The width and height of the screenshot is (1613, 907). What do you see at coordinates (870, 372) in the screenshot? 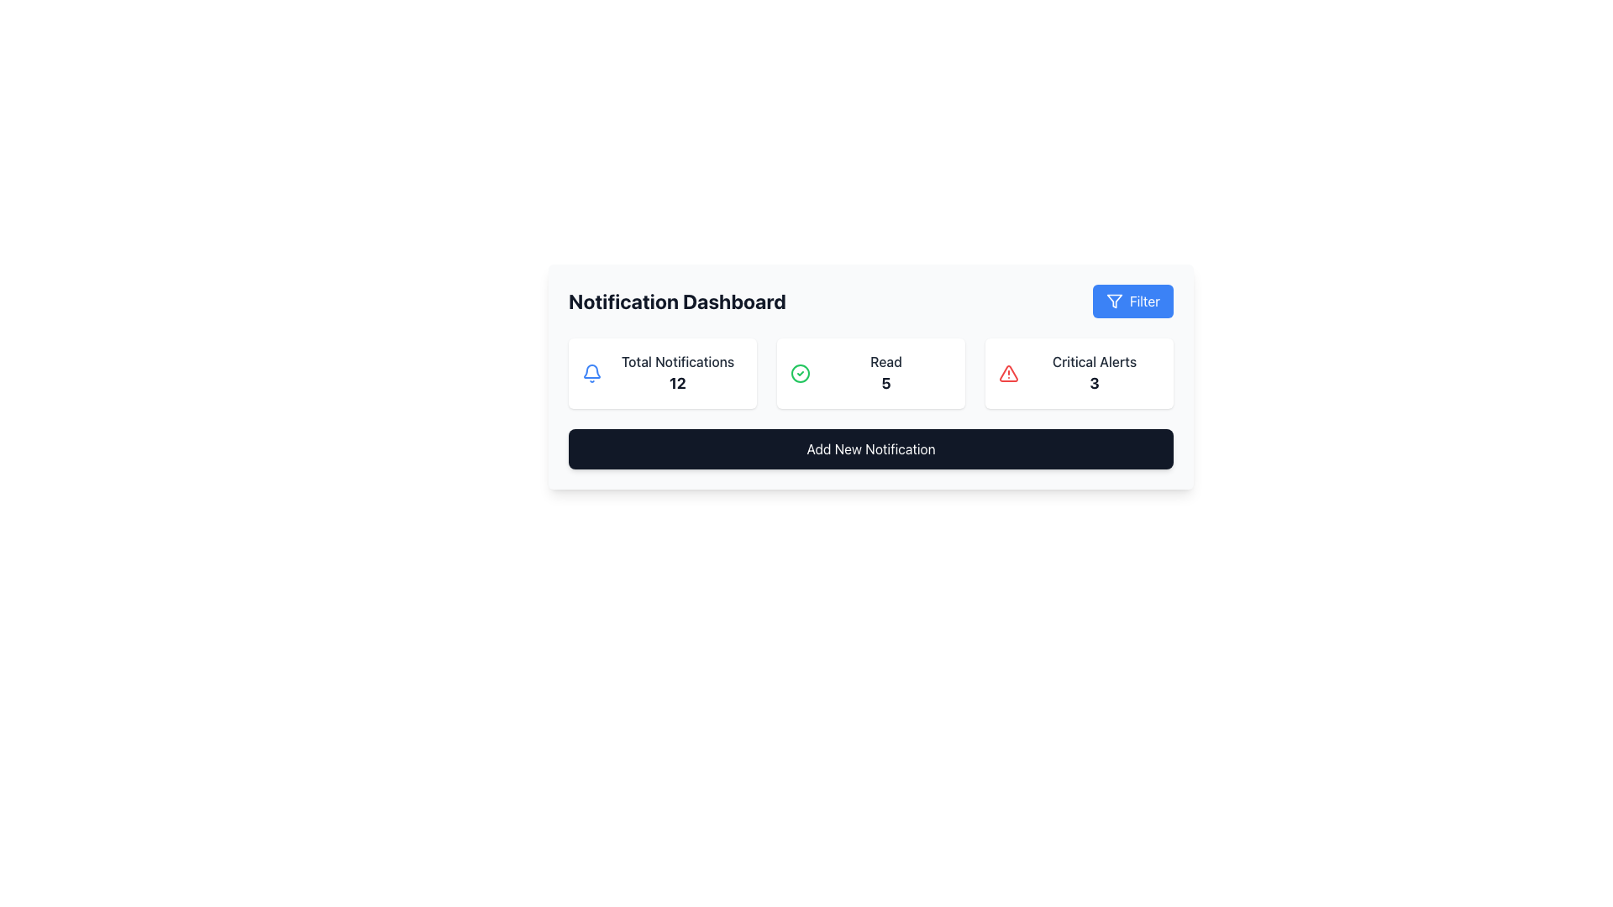
I see `displayed information from the Dashboard summary card that shows the number of read notifications, located in the Notification Dashboard section between the Total Notifications and Critical Alerts cards` at bounding box center [870, 372].